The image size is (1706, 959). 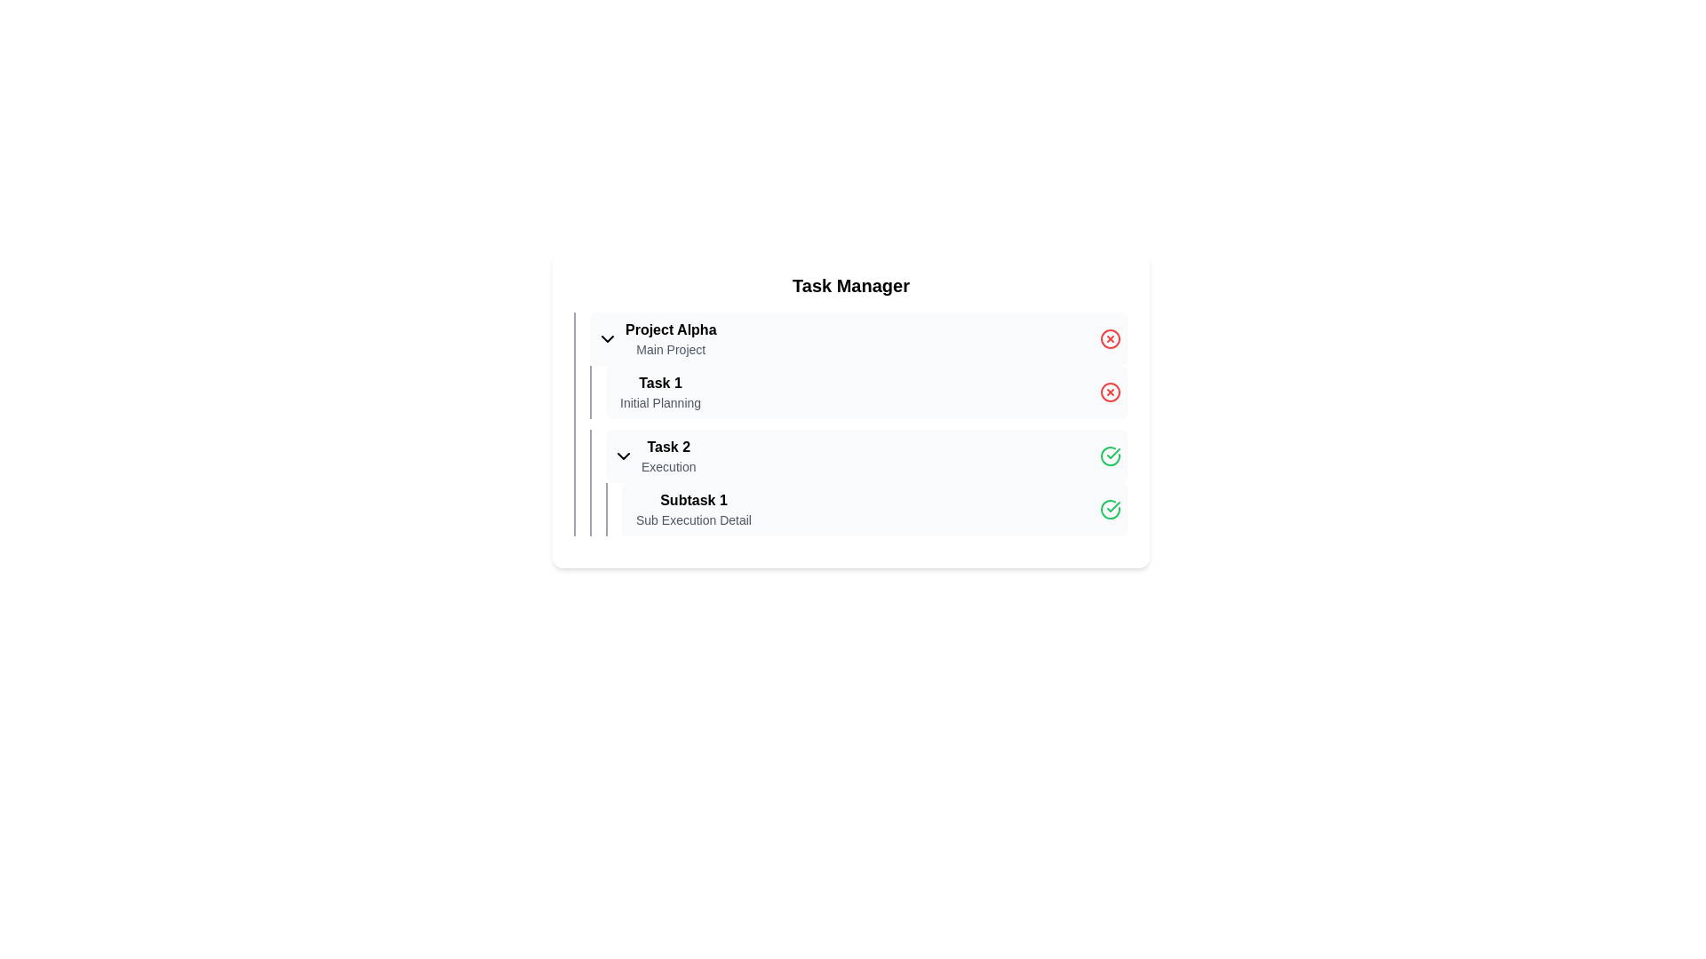 I want to click on the text area displaying the title and description of the task in the 'Task Manager' interface for possible interactions with the task, so click(x=667, y=455).